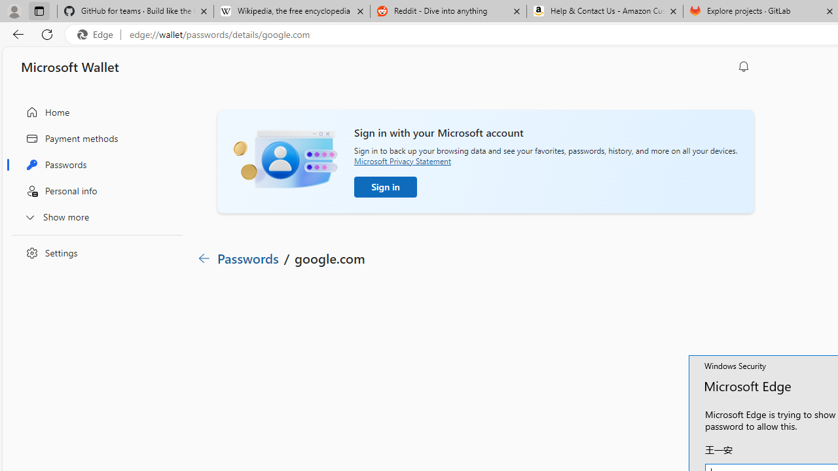 The height and width of the screenshot is (471, 838). I want to click on 'Microsoft Privacy Statement', so click(402, 160).